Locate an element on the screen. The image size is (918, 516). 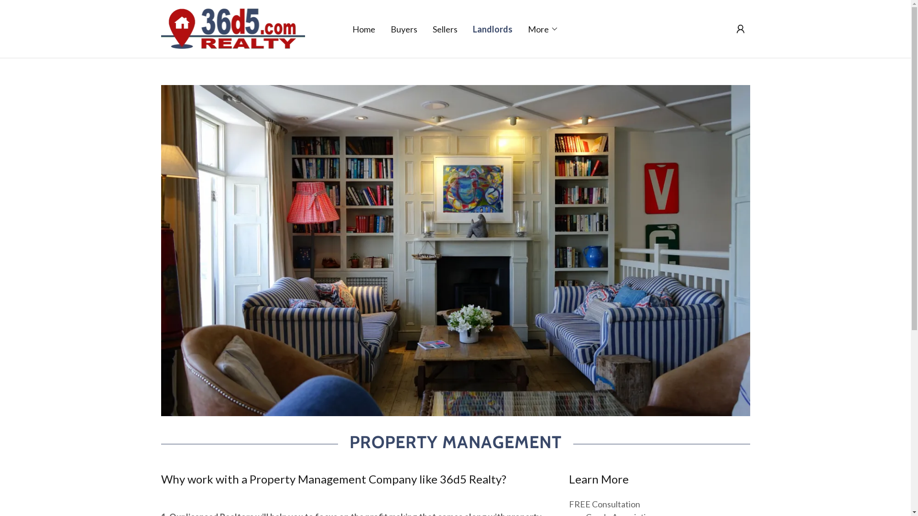
'36d5 Realty' is located at coordinates (232, 27).